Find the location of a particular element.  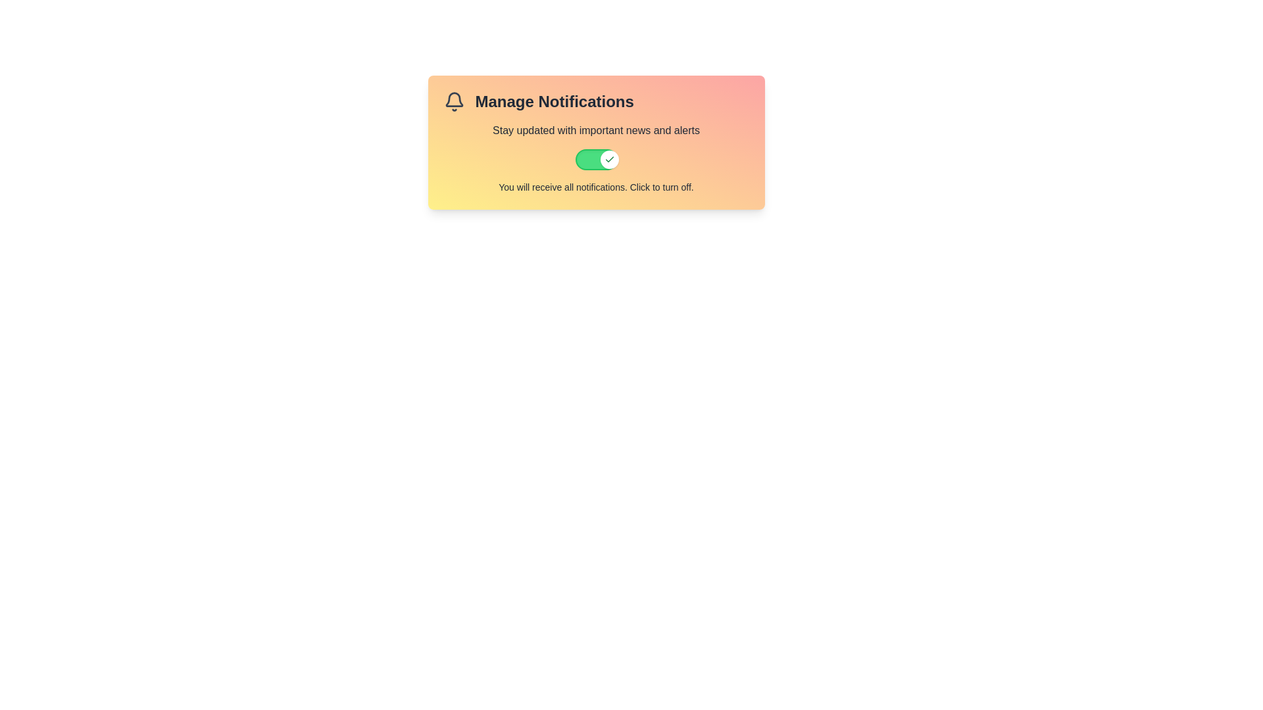

the informational text that provides details about the current notification settings' status and instructions for disabling notifications, located beneath the toggle switch in the notification management dialog is located at coordinates (595, 187).